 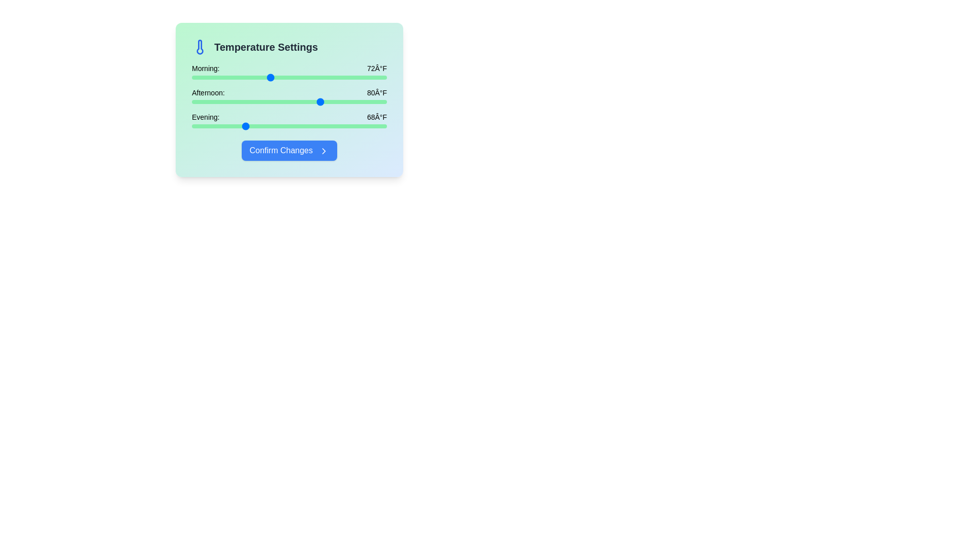 What do you see at coordinates (192, 101) in the screenshot?
I see `the afternoon temperature slider to 60°F` at bounding box center [192, 101].